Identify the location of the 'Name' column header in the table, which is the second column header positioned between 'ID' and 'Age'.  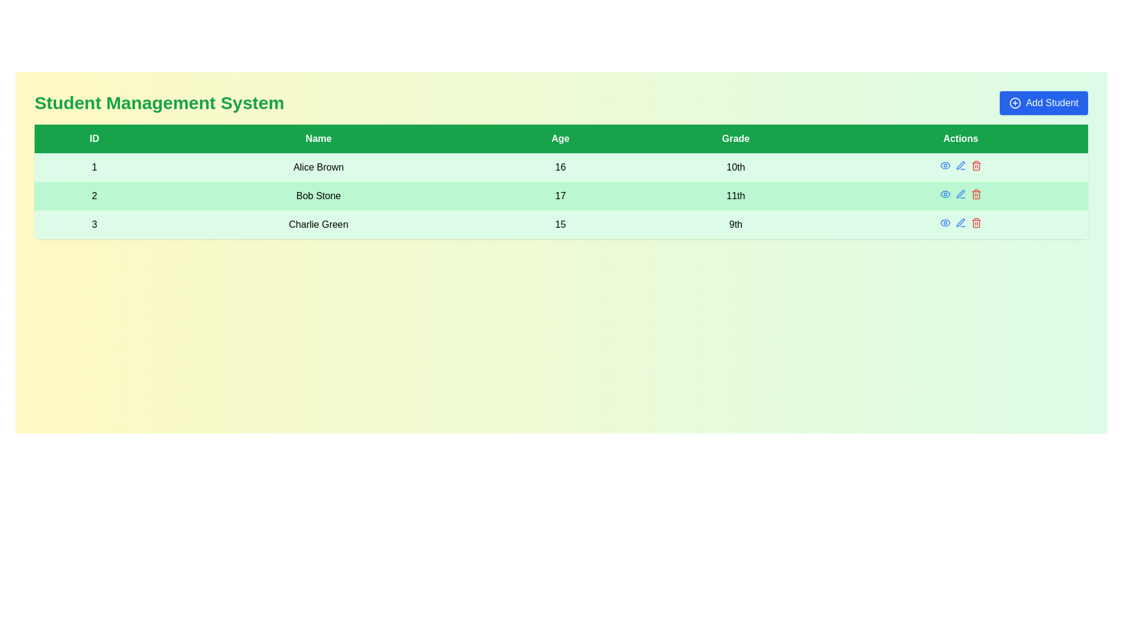
(318, 138).